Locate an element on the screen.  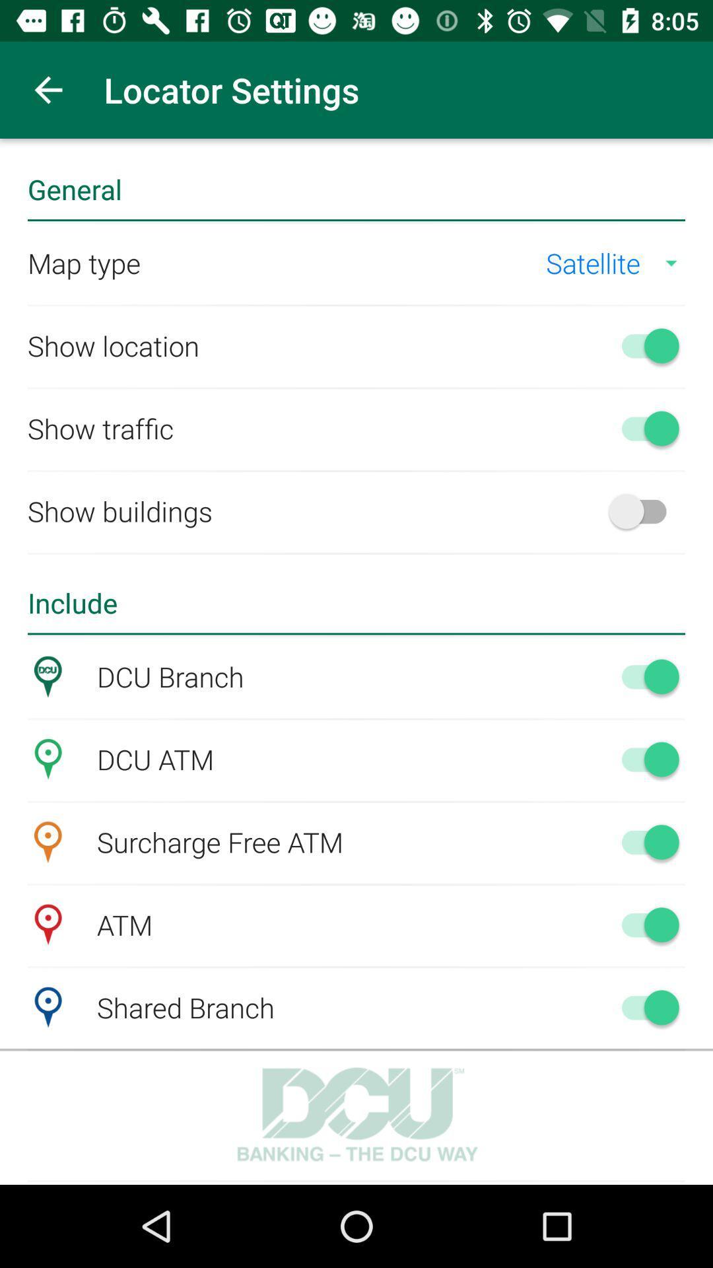
turn-on atm is located at coordinates (643, 924).